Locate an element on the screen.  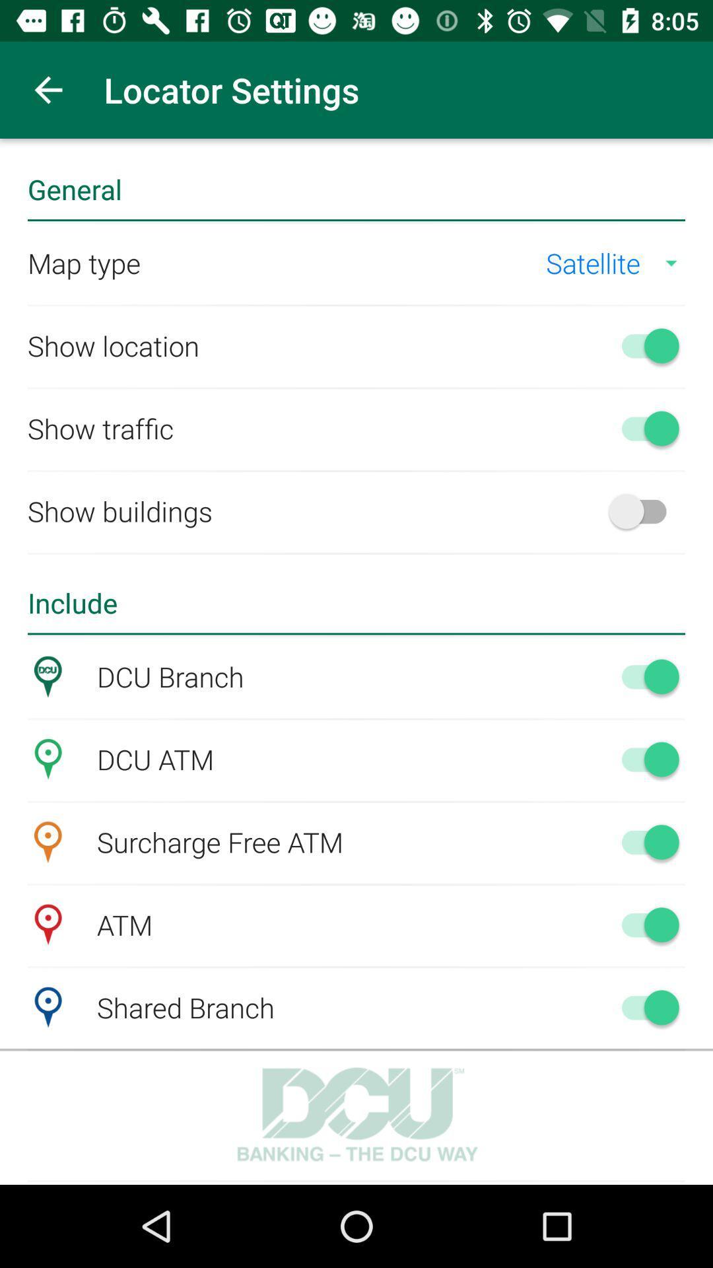
turn-on atm is located at coordinates (643, 924).